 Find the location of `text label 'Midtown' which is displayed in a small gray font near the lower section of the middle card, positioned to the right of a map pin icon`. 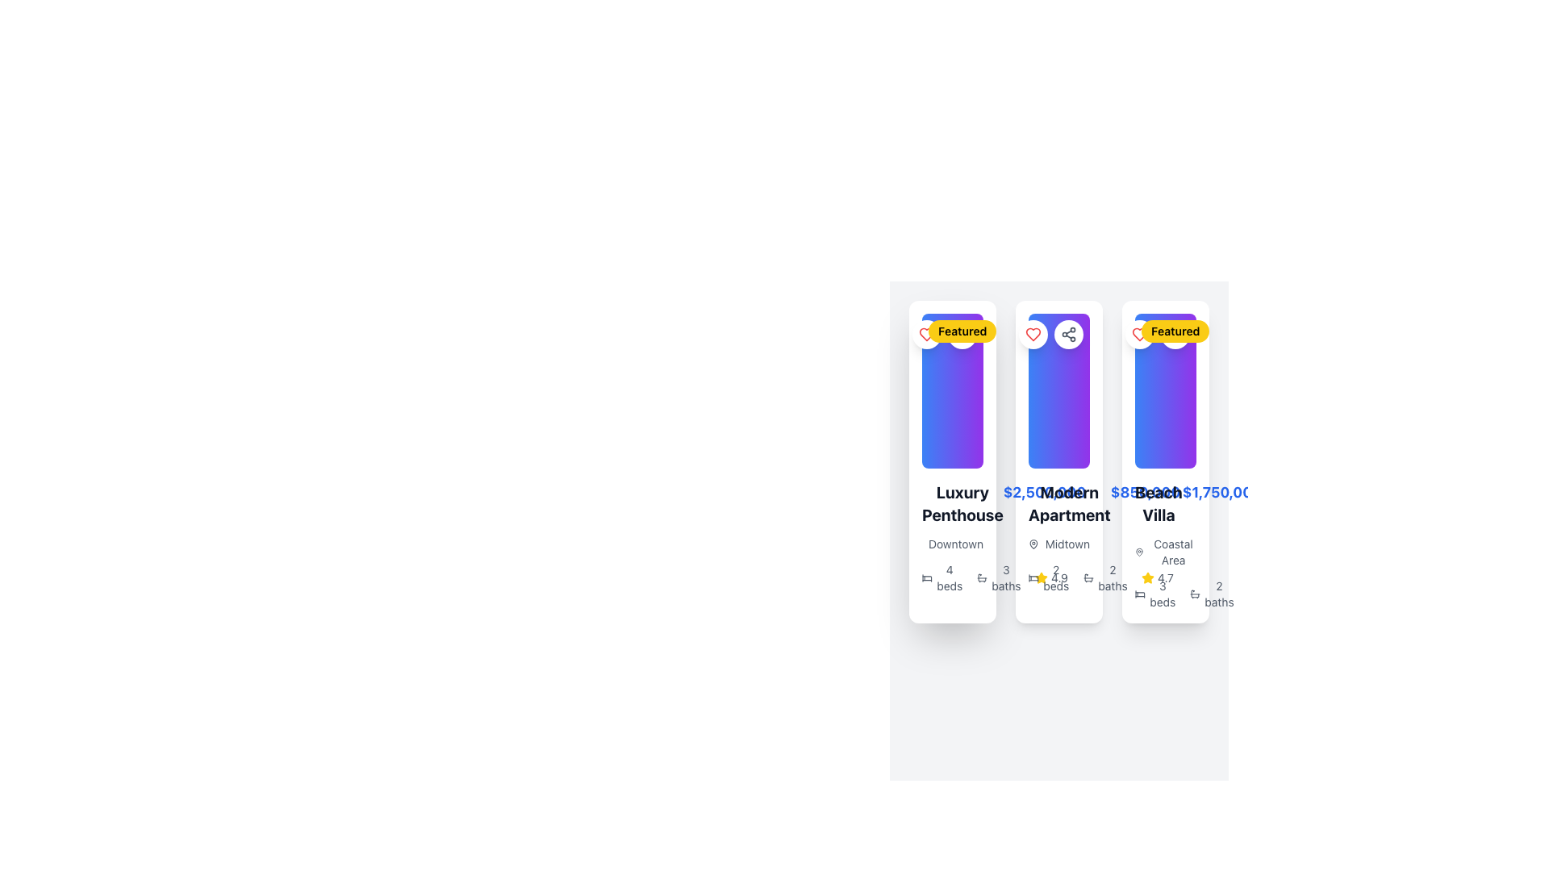

text label 'Midtown' which is displayed in a small gray font near the lower section of the middle card, positioned to the right of a map pin icon is located at coordinates (1067, 544).